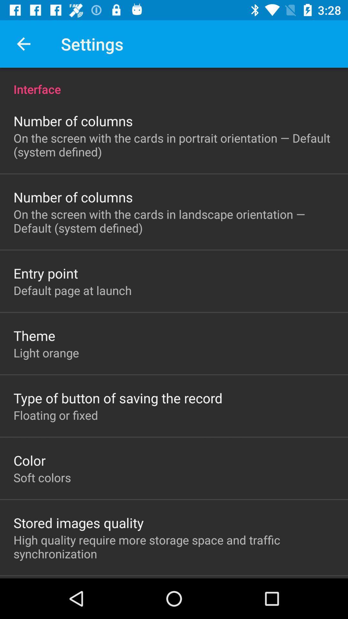 The width and height of the screenshot is (348, 619). What do you see at coordinates (23, 44) in the screenshot?
I see `the app to the left of settings icon` at bounding box center [23, 44].